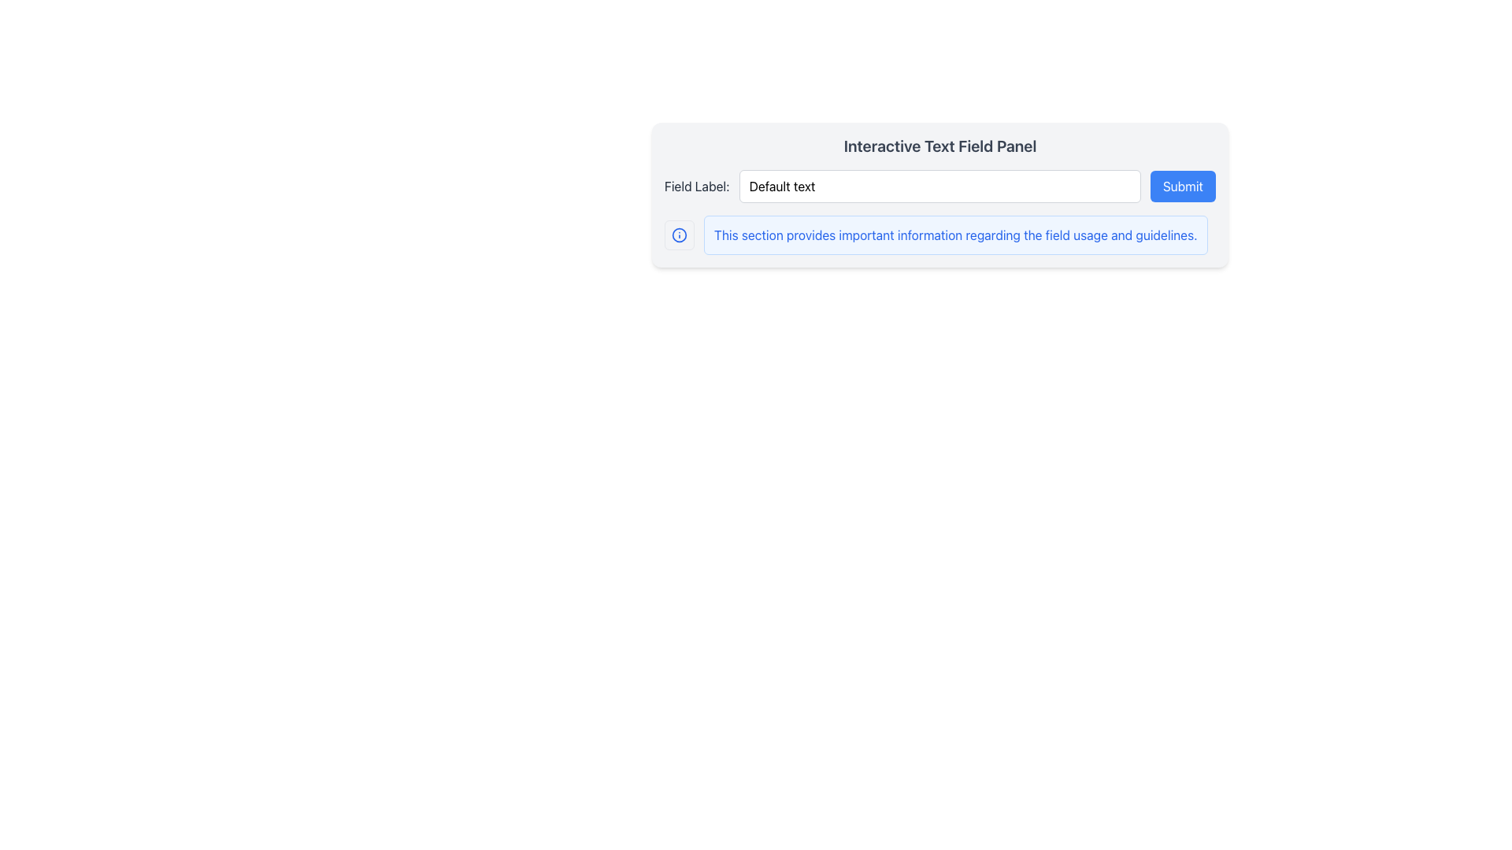 Image resolution: width=1512 pixels, height=850 pixels. I want to click on the circular button with a blue border and an info icon located on the left side of the text block, so click(680, 235).